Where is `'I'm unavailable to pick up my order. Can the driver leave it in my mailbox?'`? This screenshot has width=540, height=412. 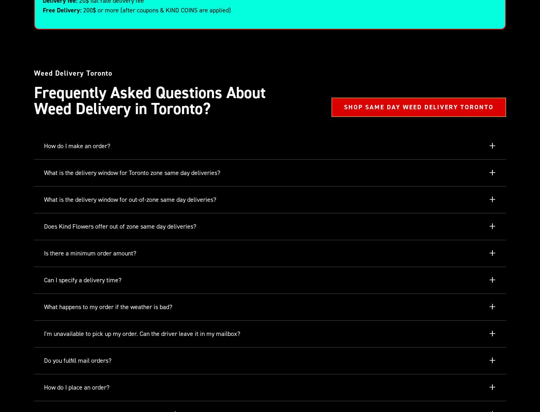 'I'm unavailable to pick up my order. Can the driver leave it in my mailbox?' is located at coordinates (142, 333).